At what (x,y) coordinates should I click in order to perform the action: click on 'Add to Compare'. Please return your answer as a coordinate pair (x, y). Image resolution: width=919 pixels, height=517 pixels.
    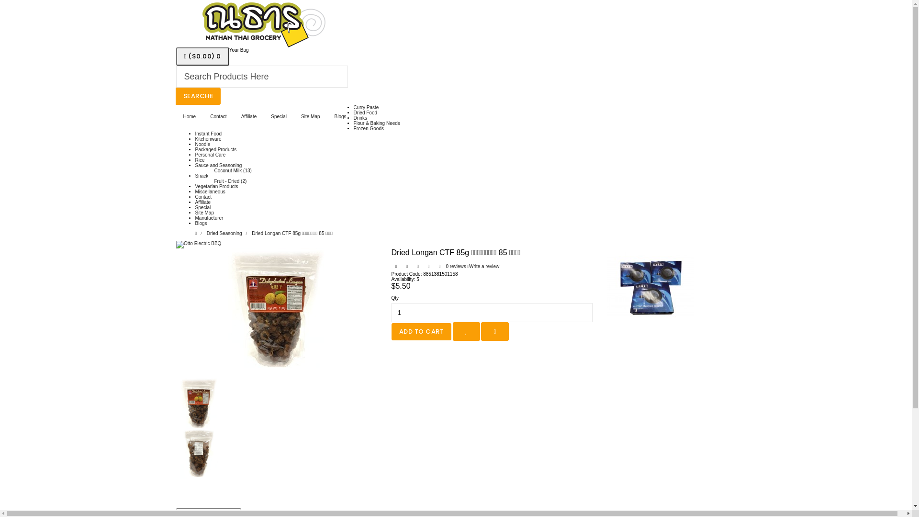
    Looking at the image, I should click on (494, 331).